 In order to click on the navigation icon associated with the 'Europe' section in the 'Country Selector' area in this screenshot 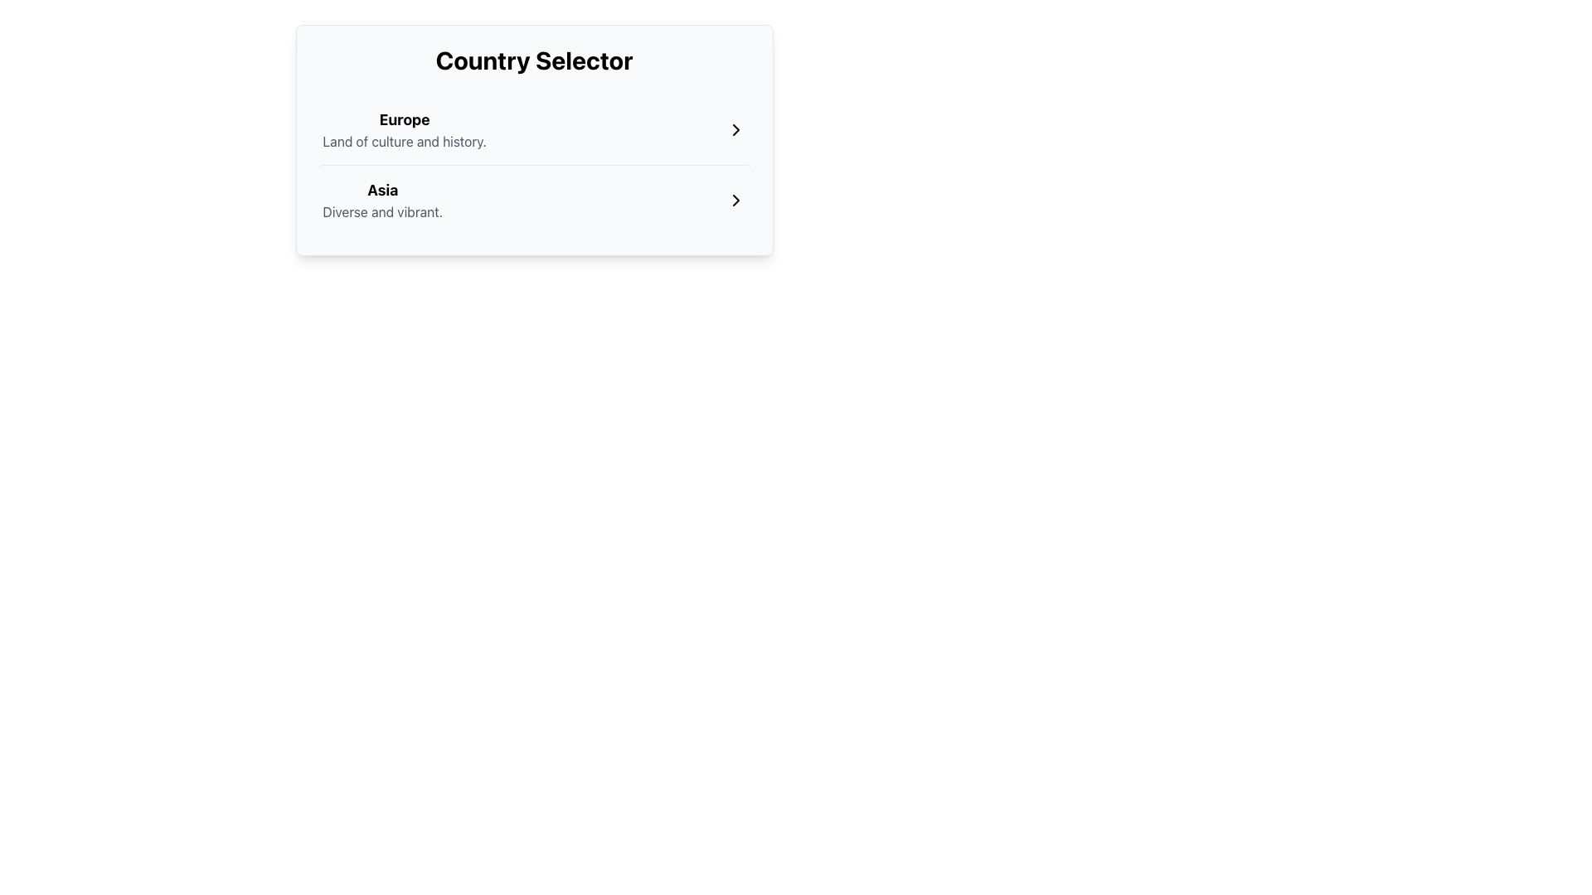, I will do `click(735, 129)`.